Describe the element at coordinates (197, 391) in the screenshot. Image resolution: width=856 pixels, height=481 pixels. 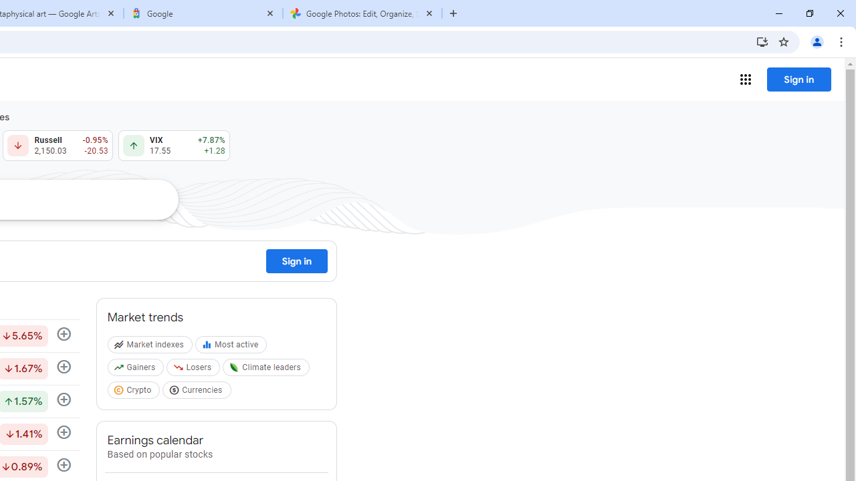
I see `'Currencies'` at that location.